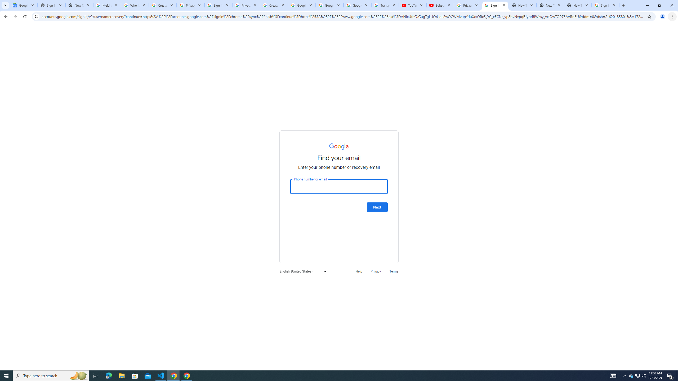 The height and width of the screenshot is (381, 678). I want to click on 'New Tab', so click(578, 5).